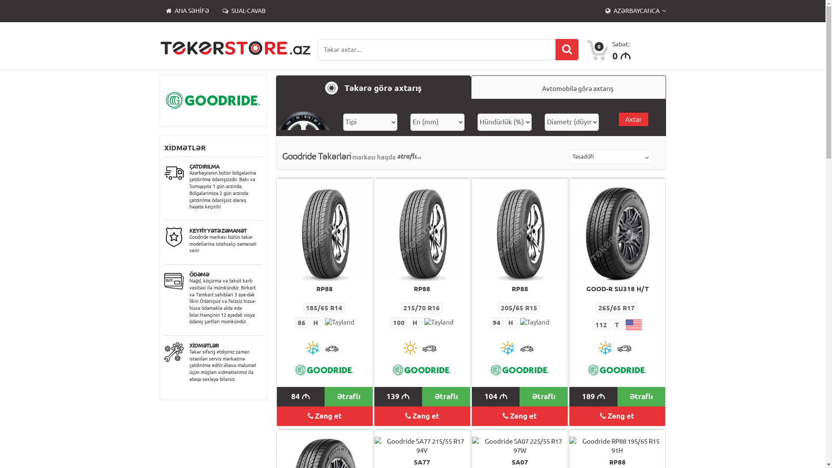 The height and width of the screenshot is (468, 832). What do you see at coordinates (422, 461) in the screenshot?
I see `'SA77'` at bounding box center [422, 461].